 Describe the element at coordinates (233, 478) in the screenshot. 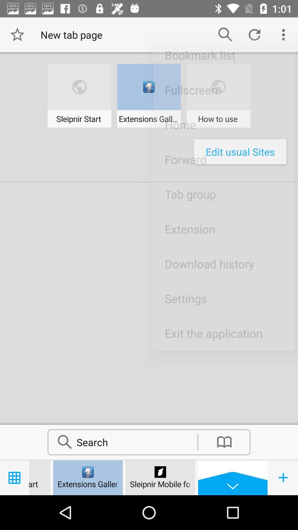

I see `the drop down button left to  at right corner bottom of the page` at that location.